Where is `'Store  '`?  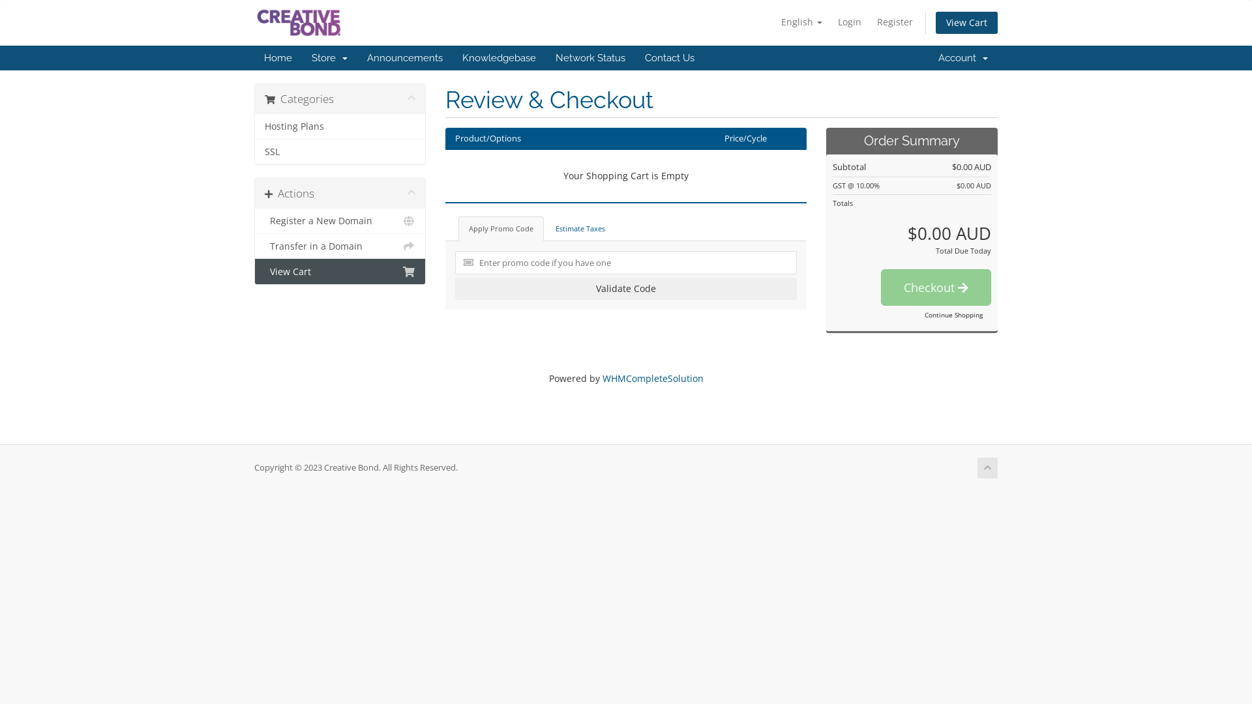 'Store  ' is located at coordinates (301, 57).